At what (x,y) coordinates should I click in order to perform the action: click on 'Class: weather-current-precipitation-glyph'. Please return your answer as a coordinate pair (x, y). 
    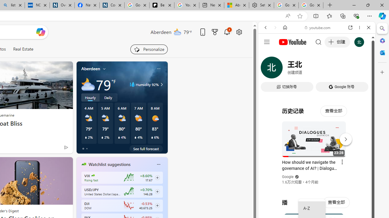
    Looking at the image, I should click on (152, 137).